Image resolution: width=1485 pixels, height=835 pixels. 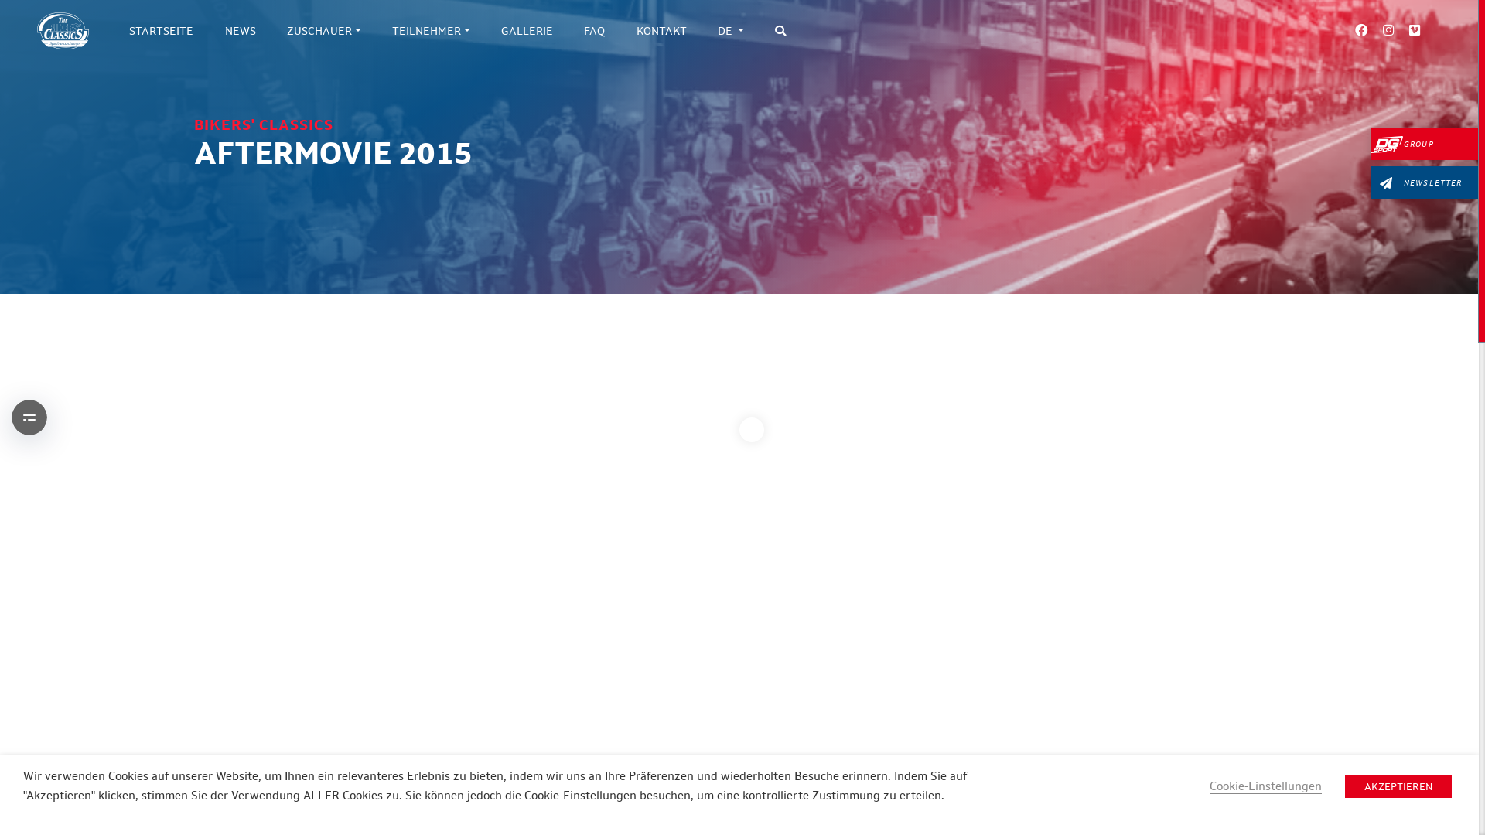 I want to click on 'KONTAKT', so click(x=661, y=30).